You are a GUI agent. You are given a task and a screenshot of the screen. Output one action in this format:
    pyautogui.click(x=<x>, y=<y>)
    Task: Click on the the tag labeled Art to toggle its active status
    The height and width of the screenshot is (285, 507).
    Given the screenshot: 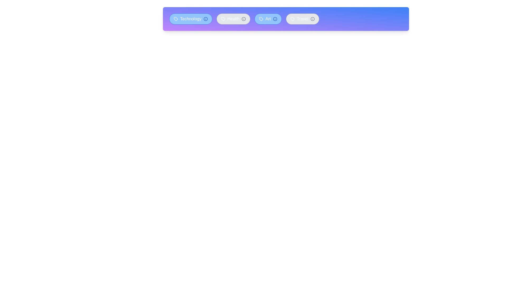 What is the action you would take?
    pyautogui.click(x=268, y=19)
    